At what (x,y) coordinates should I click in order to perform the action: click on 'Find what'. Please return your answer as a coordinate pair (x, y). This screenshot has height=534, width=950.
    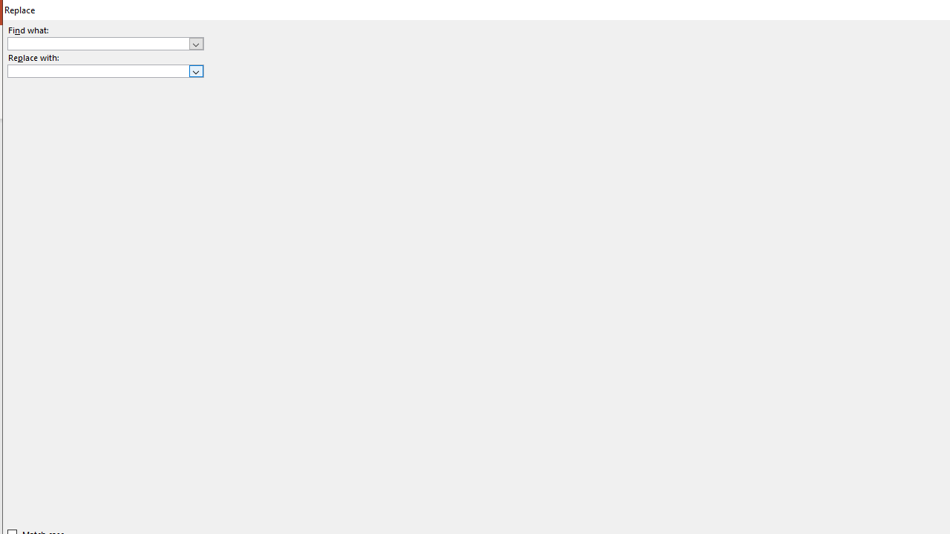
    Looking at the image, I should click on (98, 43).